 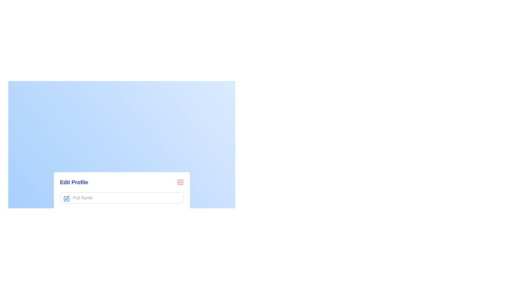 I want to click on the edit icon located in the top-left corner of the 'Full Name' input field in the Edit Profile form, so click(x=67, y=198).